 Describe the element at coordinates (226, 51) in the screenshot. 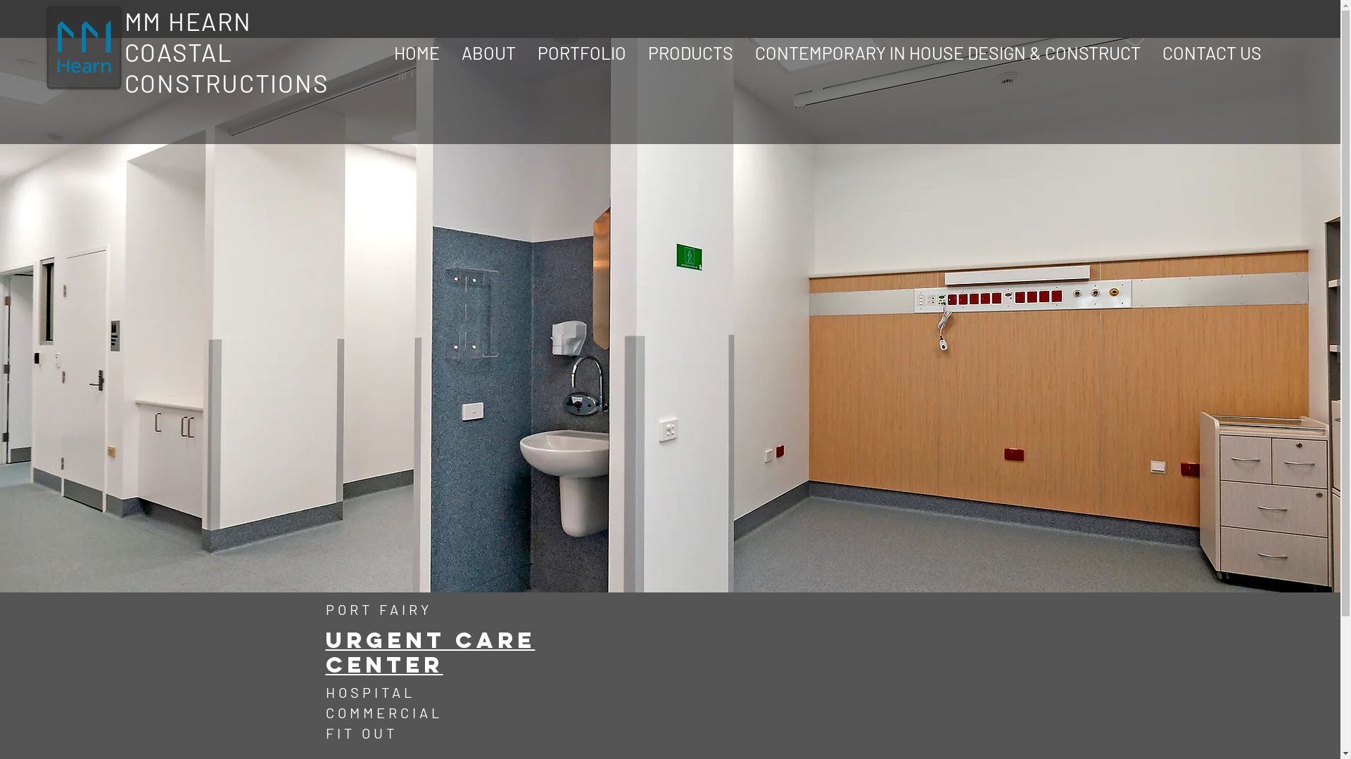

I see `'MM HEARN` at that location.